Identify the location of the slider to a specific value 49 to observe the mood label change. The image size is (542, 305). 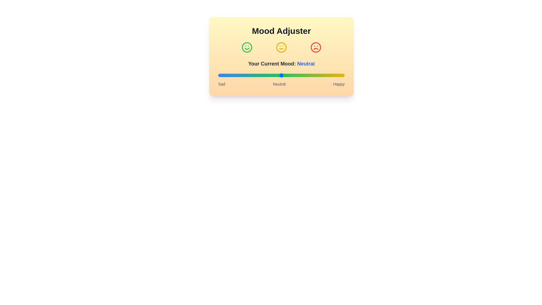
(280, 75).